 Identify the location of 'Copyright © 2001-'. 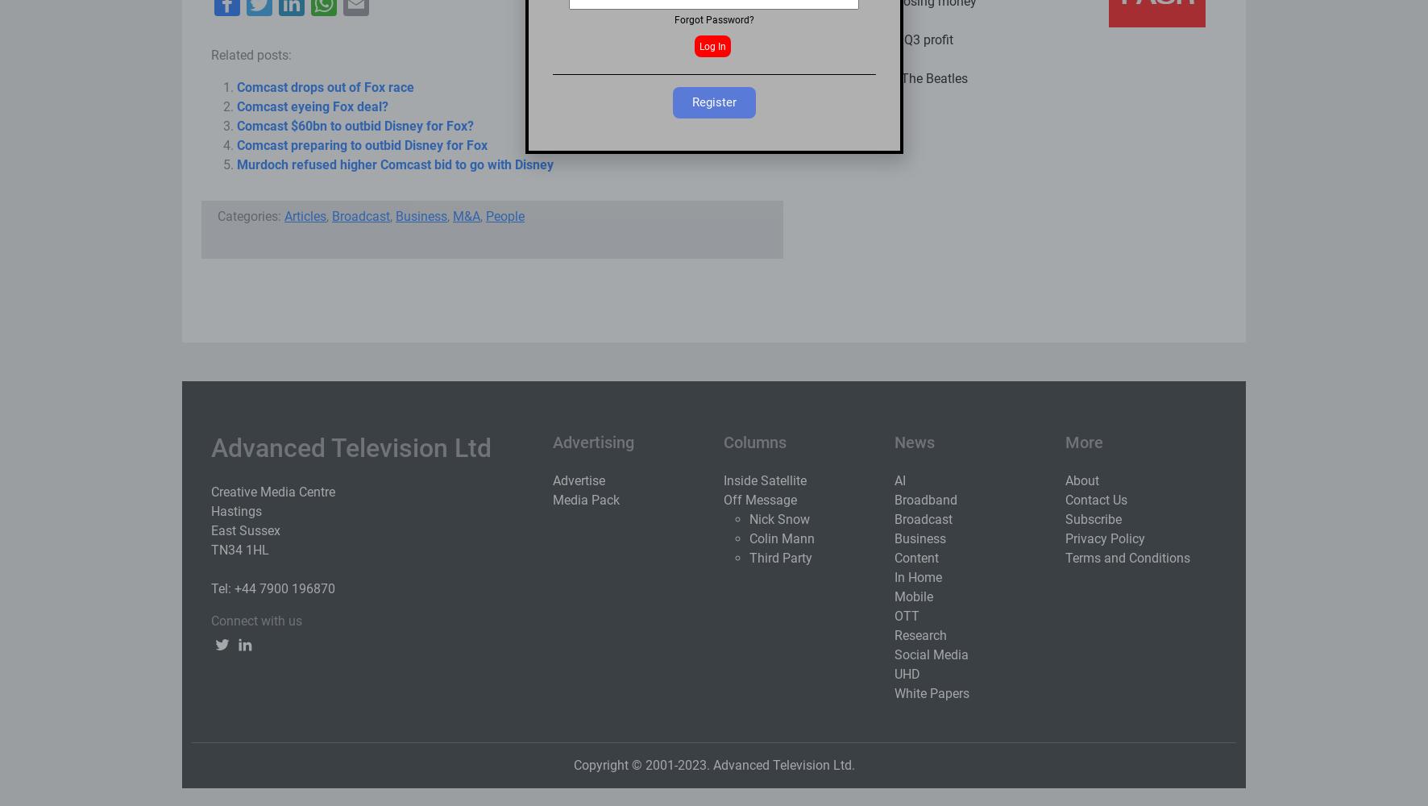
(624, 763).